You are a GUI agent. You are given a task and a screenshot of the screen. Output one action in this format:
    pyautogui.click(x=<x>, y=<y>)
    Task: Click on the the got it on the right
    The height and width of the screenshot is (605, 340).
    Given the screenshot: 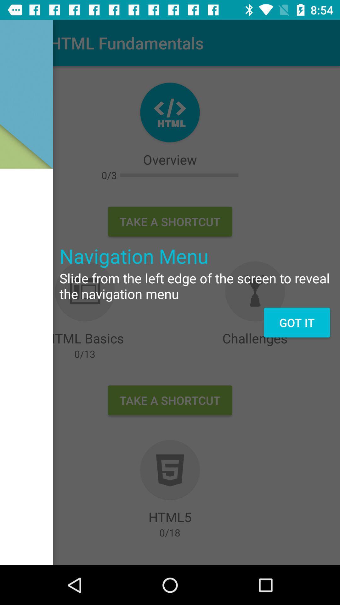 What is the action you would take?
    pyautogui.click(x=297, y=322)
    